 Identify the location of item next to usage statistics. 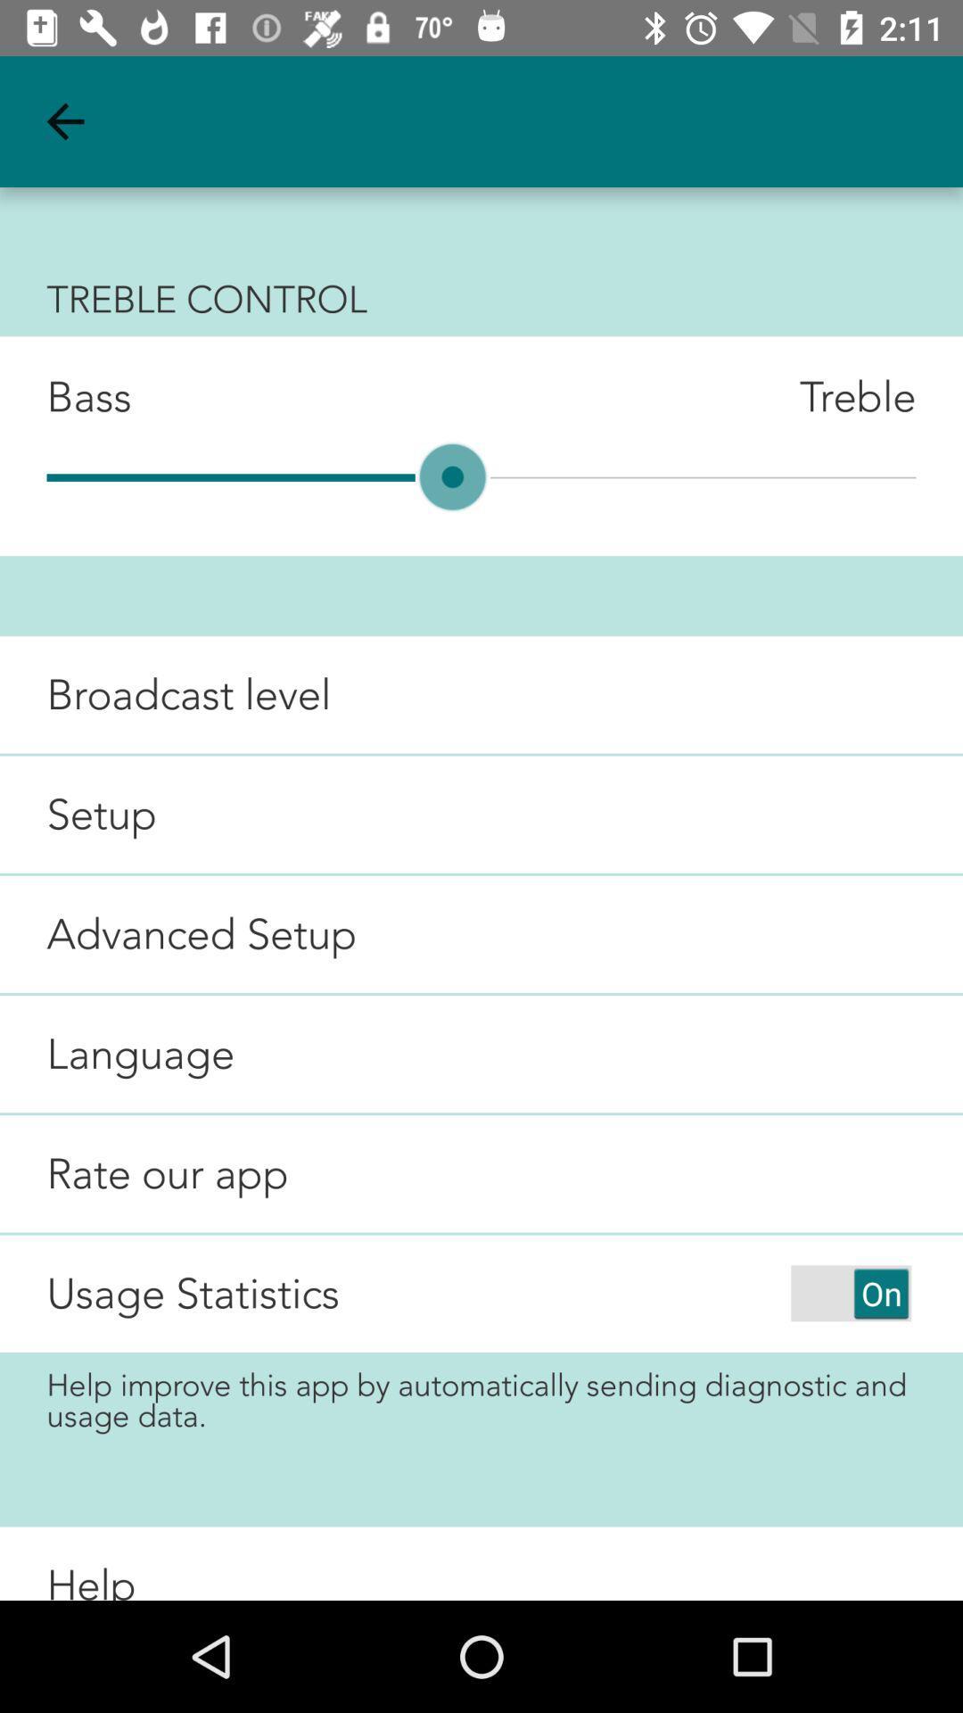
(850, 1293).